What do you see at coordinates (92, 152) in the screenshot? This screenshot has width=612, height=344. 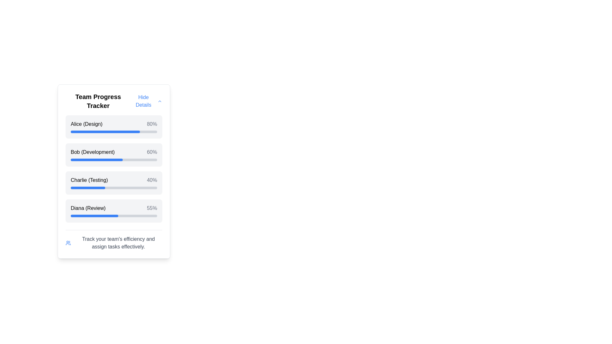 I see `the text label displaying 'Bob (Development)' in the 'Team Progress Tracker' list, positioned between 'Alice (Design)' and 'Charlie (Testing)'` at bounding box center [92, 152].